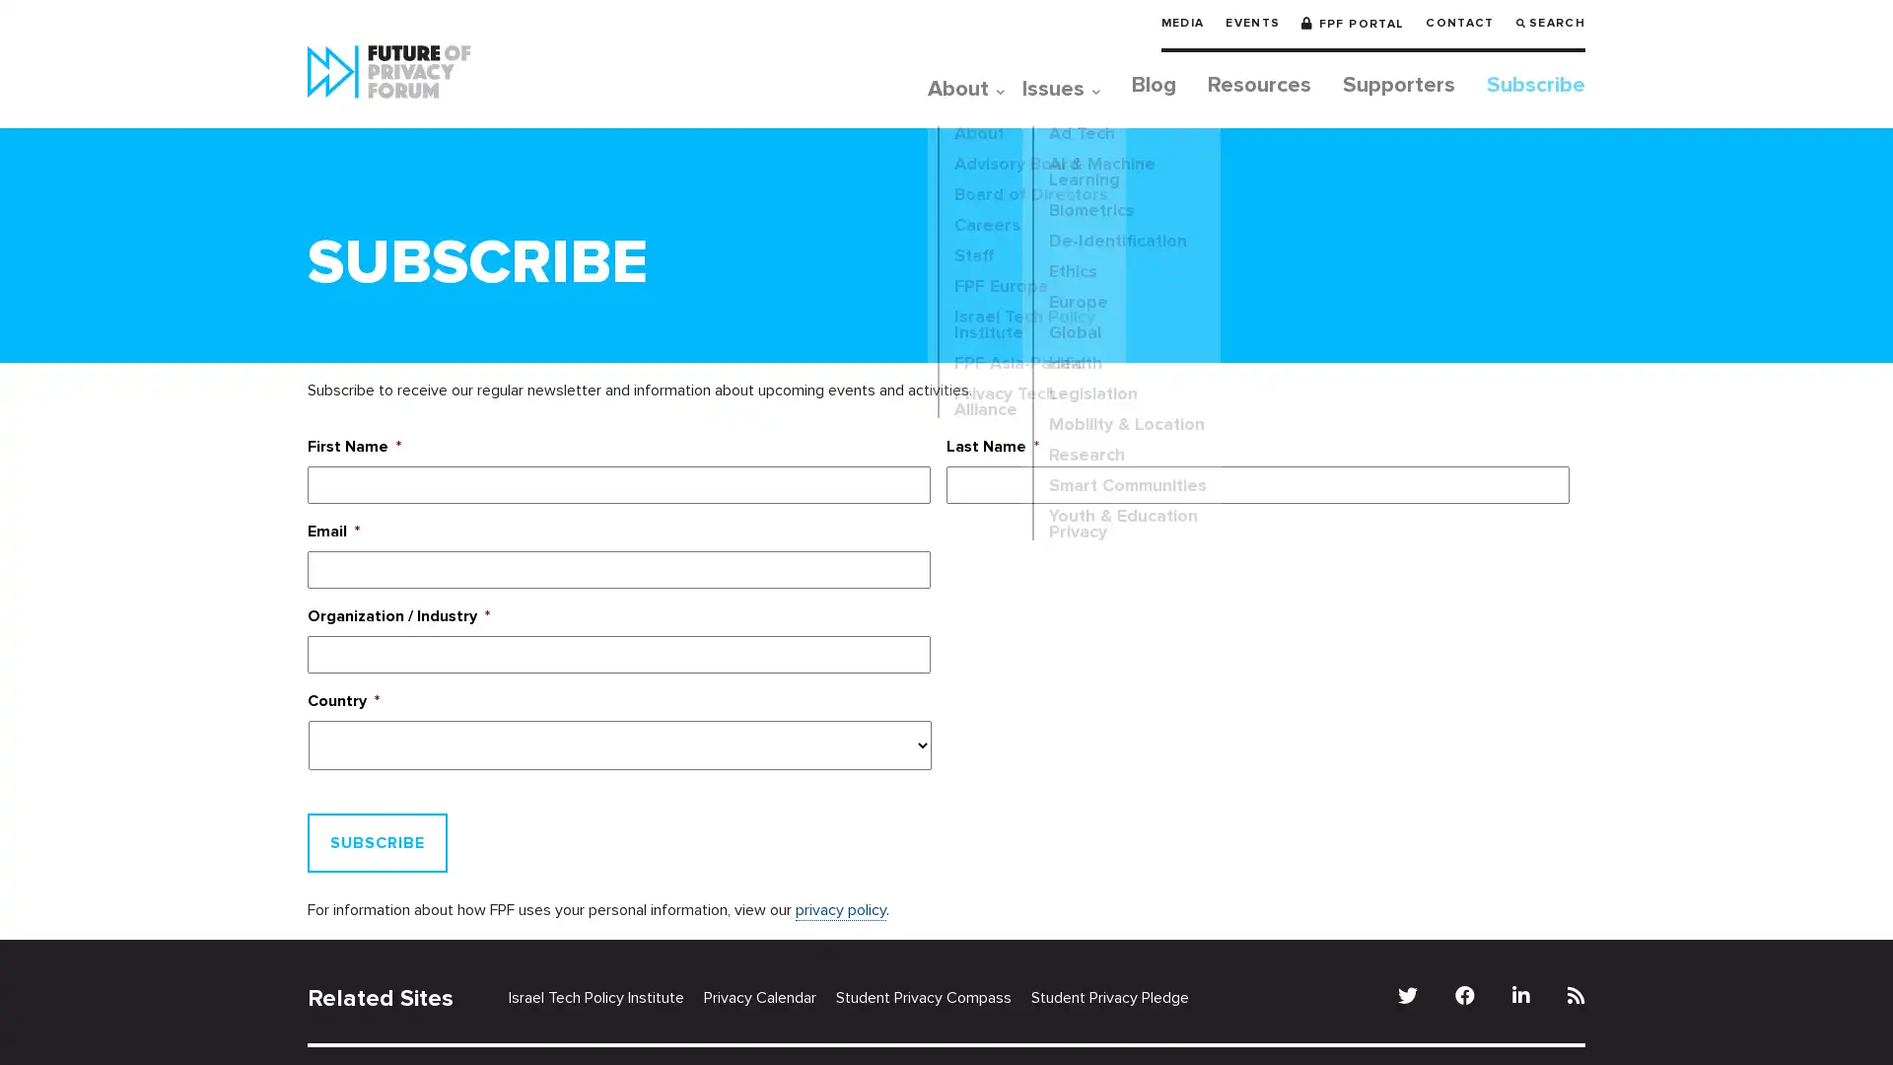  I want to click on Subscribe, so click(378, 835).